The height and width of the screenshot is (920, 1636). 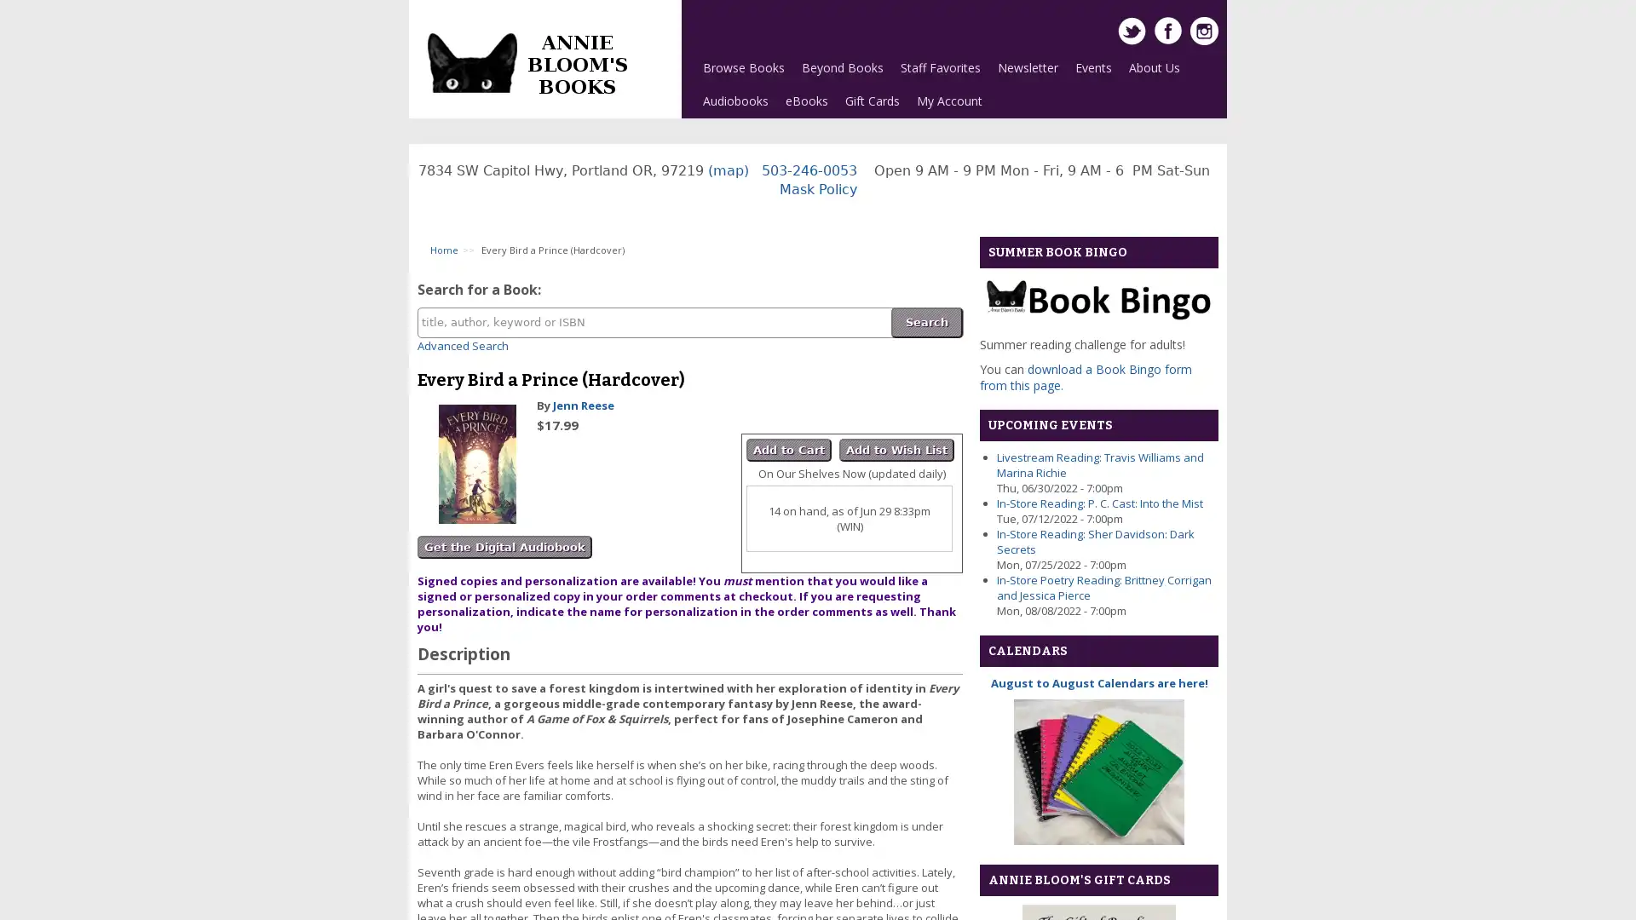 What do you see at coordinates (788, 449) in the screenshot?
I see `Add to Cart` at bounding box center [788, 449].